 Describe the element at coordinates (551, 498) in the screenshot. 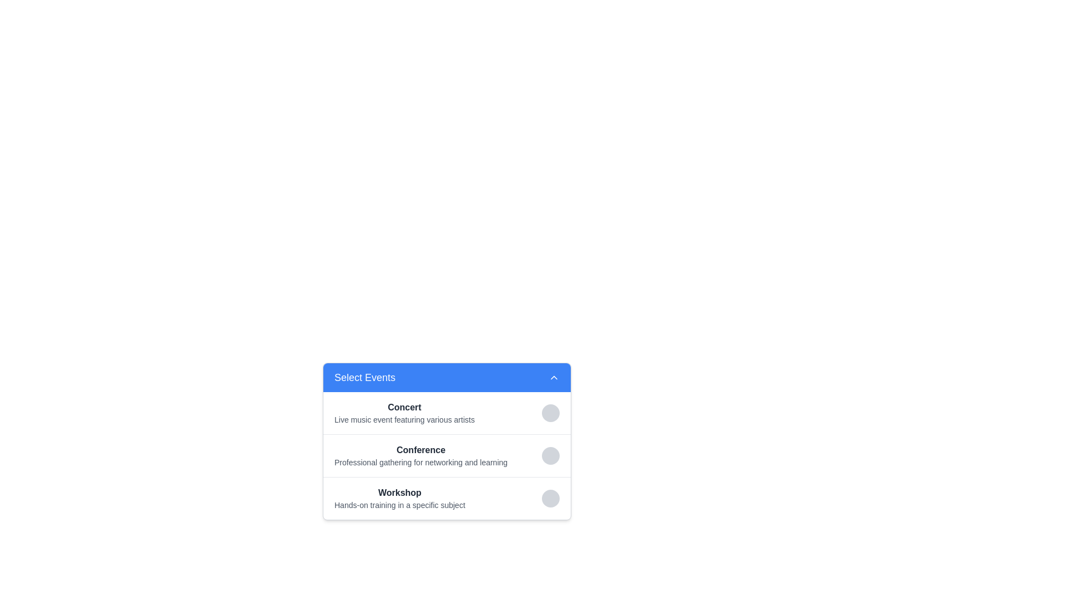

I see `the button located in the lower-right corner of the row containing the 'Workshop' title` at that location.